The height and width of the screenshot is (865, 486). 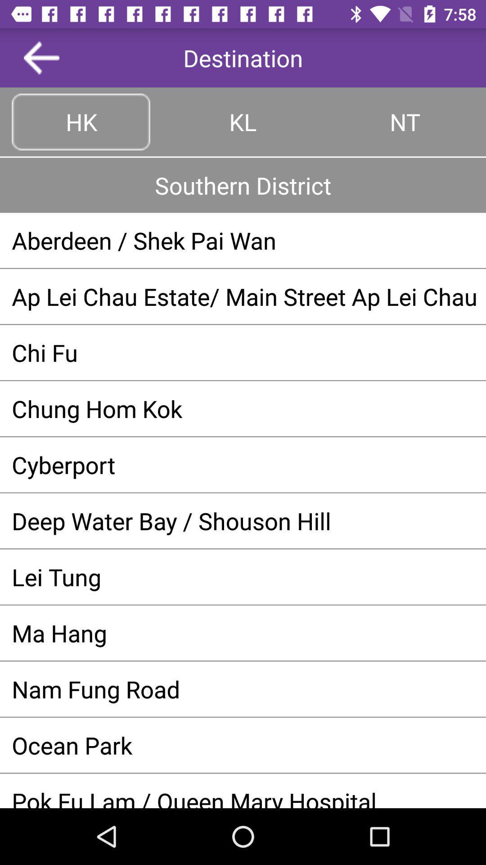 What do you see at coordinates (243, 633) in the screenshot?
I see `the ma hang` at bounding box center [243, 633].